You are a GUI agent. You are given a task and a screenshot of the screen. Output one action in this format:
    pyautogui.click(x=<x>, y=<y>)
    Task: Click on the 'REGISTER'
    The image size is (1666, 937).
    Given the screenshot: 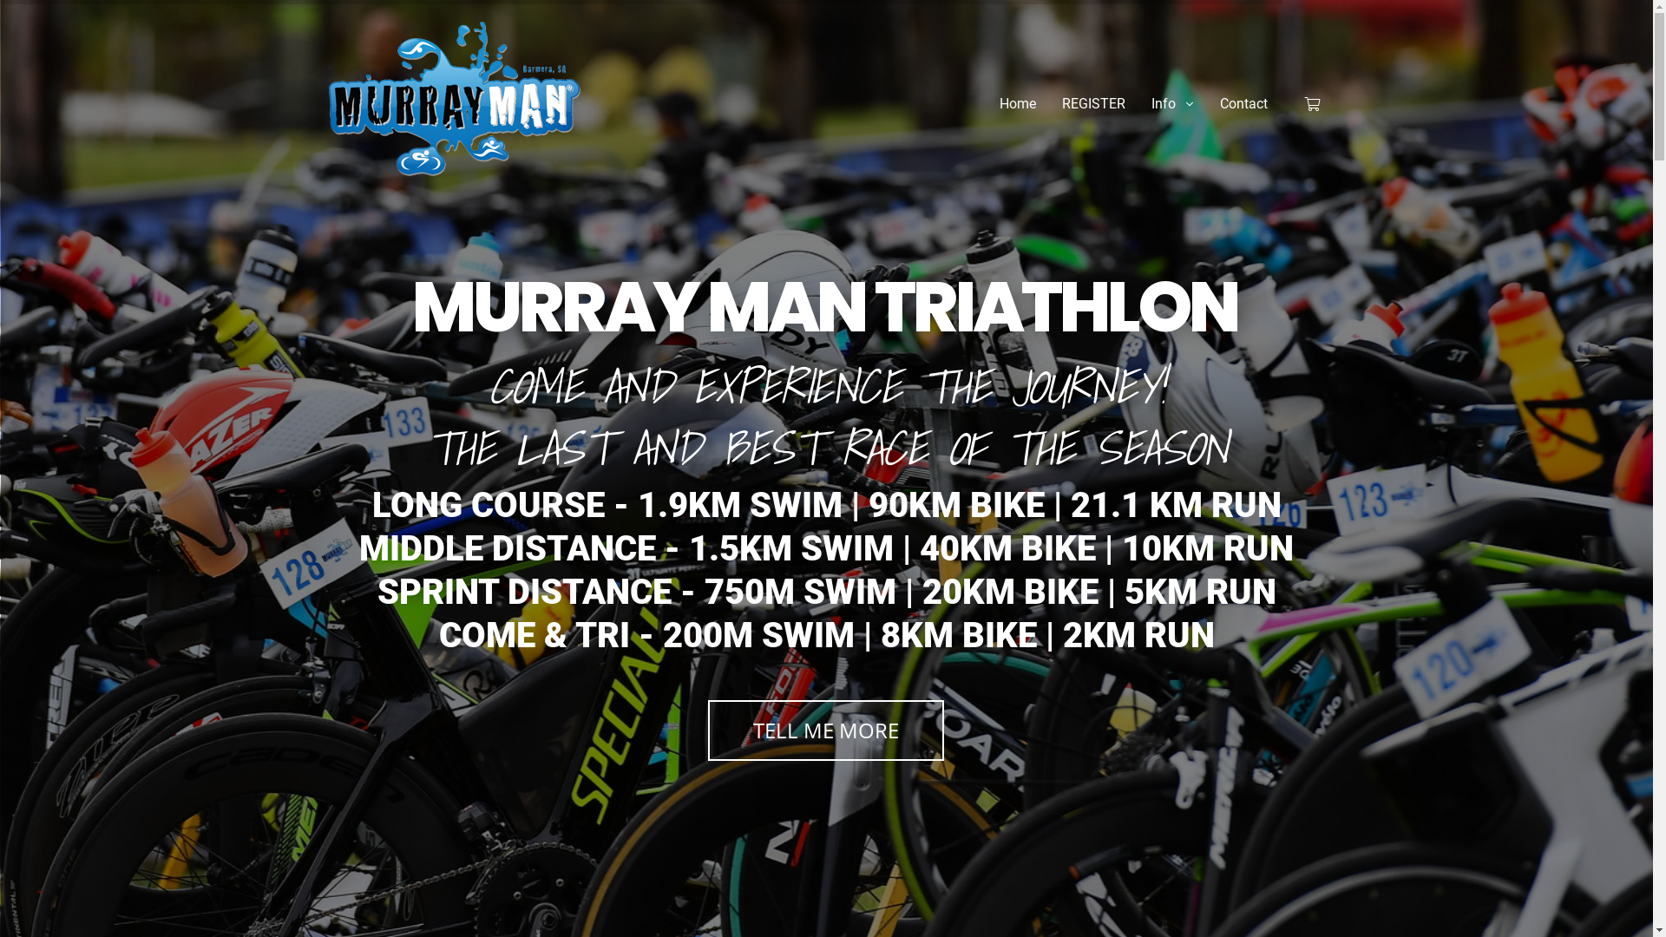 What is the action you would take?
    pyautogui.click(x=1048, y=103)
    